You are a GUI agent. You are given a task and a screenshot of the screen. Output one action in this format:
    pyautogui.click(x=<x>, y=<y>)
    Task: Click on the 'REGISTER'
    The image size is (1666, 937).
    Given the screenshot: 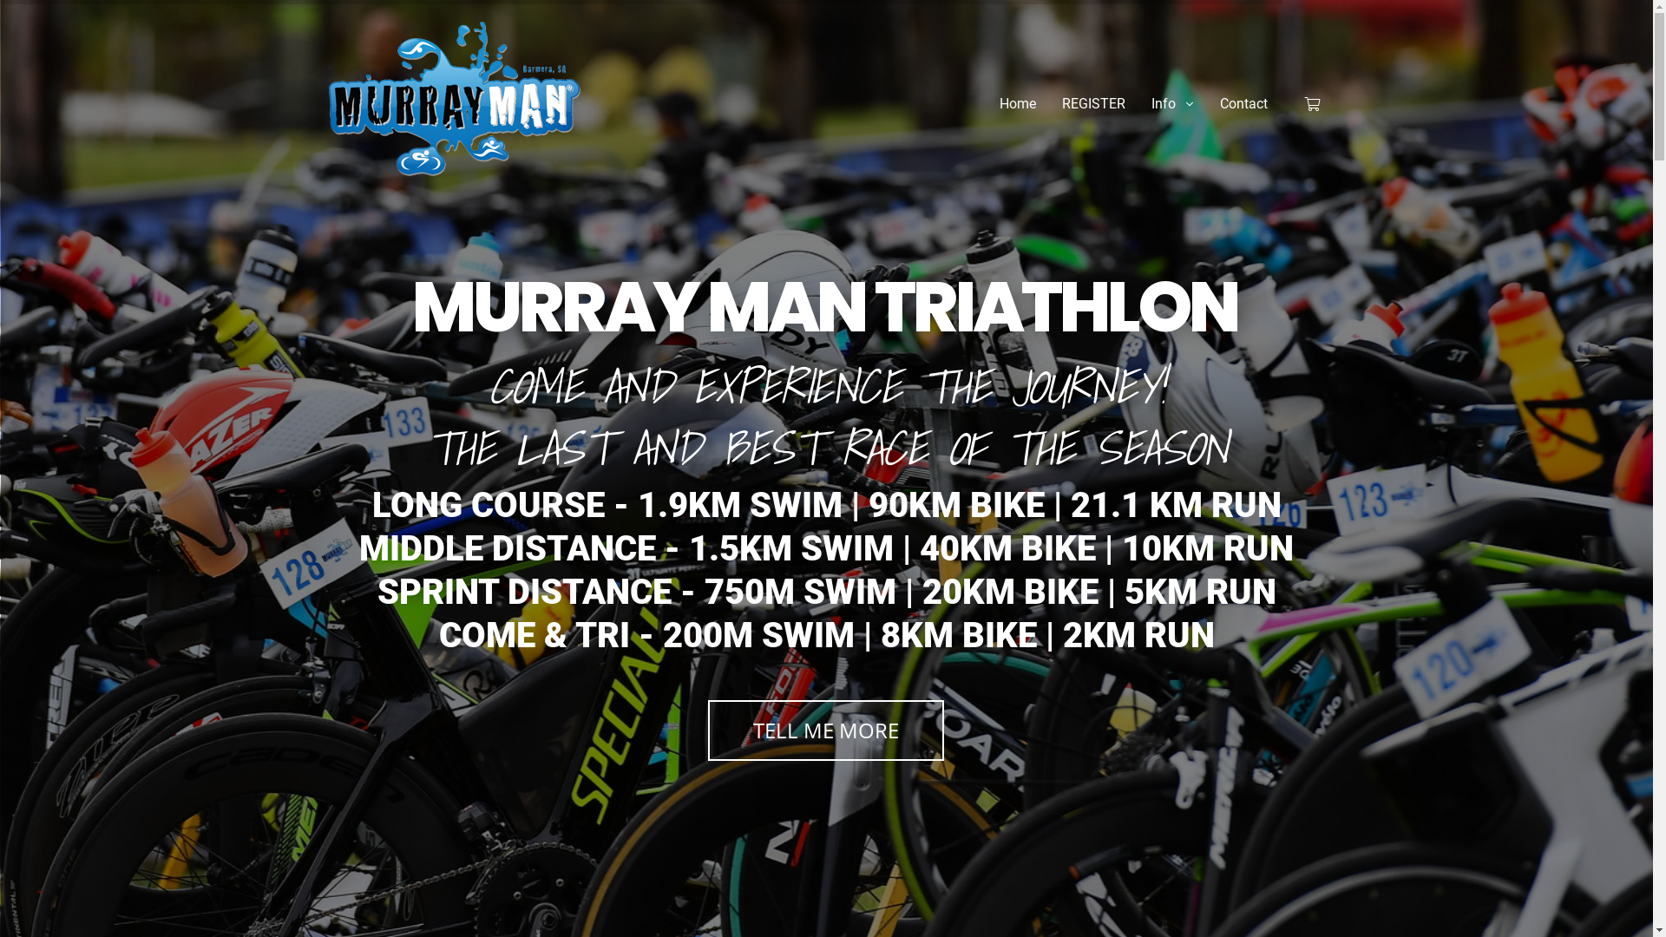 What is the action you would take?
    pyautogui.click(x=1048, y=103)
    